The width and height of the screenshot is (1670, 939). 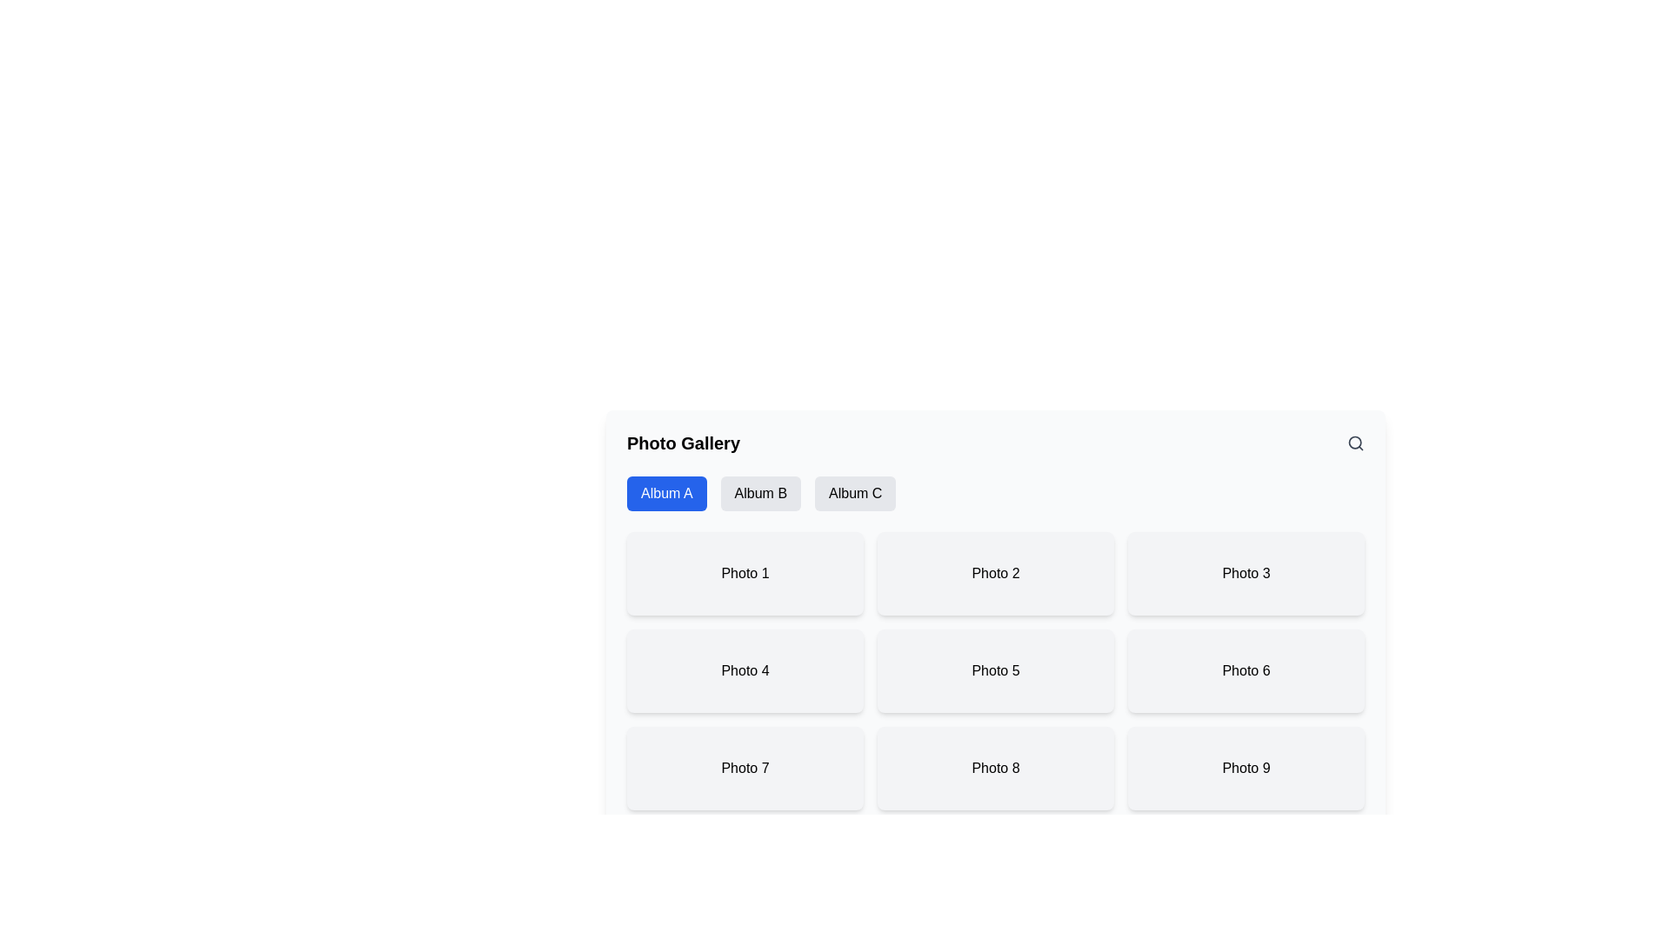 I want to click on the card labeled 'Photo 2' in the photo gallery, so click(x=996, y=573).